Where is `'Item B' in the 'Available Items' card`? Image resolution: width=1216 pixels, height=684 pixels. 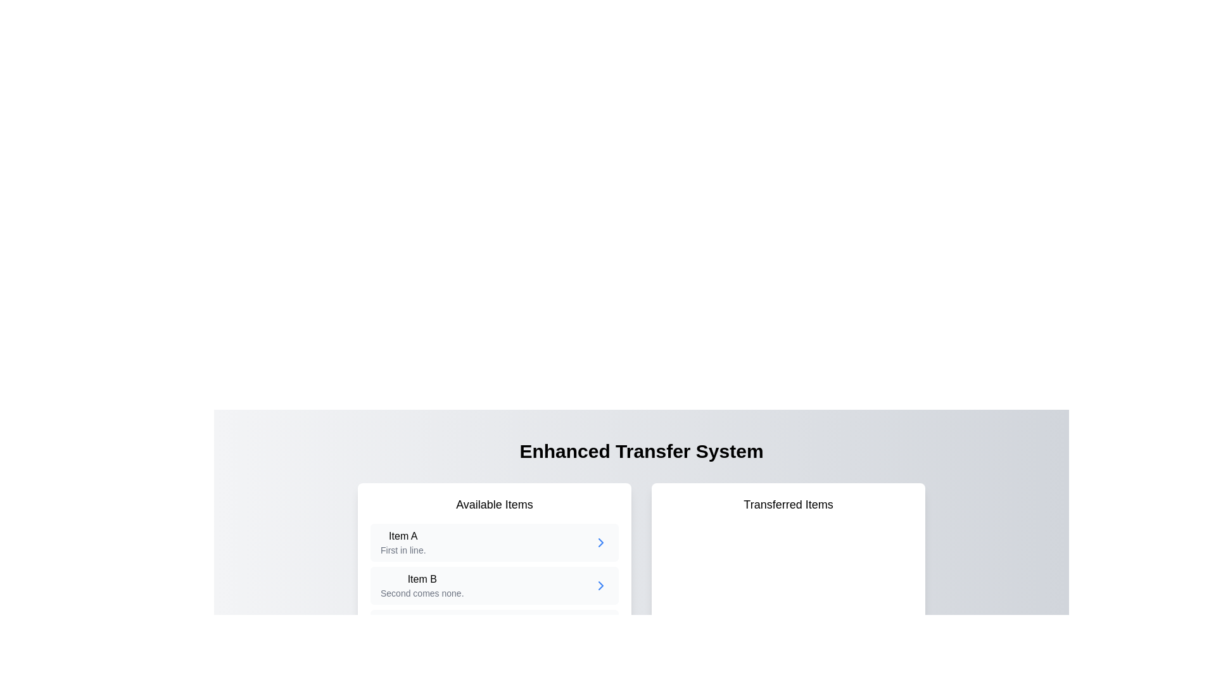 'Item B' in the 'Available Items' card is located at coordinates (494, 571).